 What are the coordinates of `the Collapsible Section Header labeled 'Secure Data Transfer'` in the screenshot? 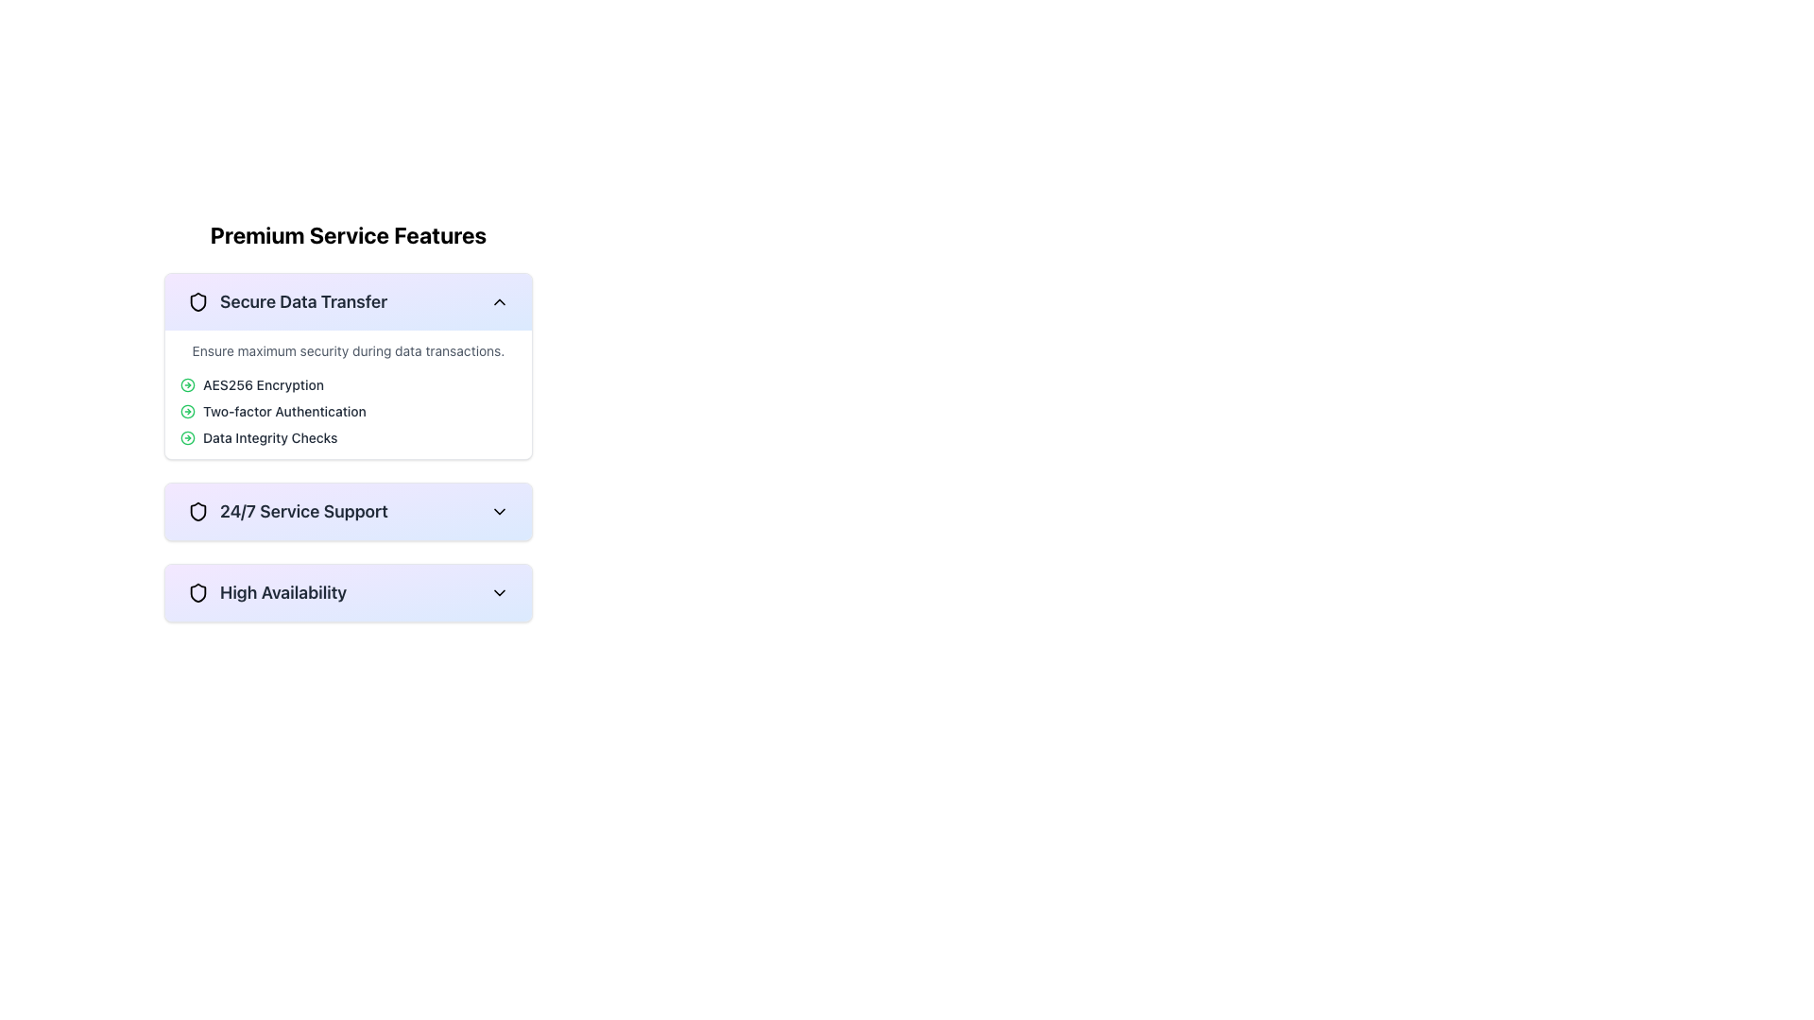 It's located at (349, 301).